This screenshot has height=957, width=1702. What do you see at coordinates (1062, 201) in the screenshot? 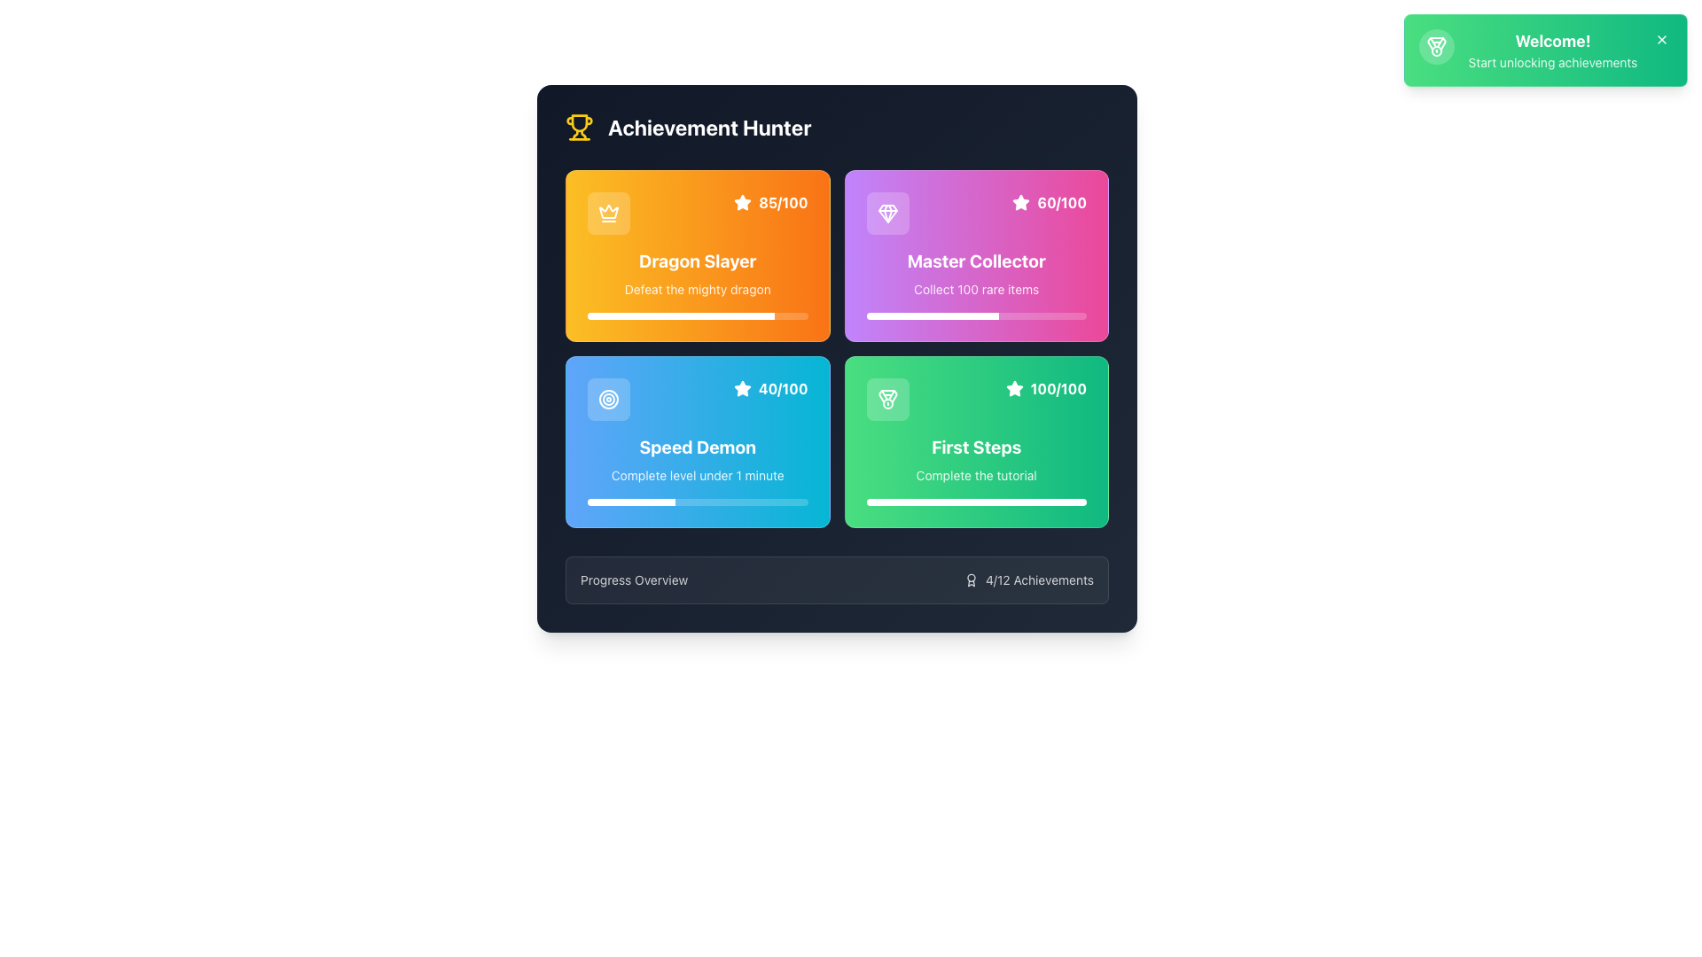
I see `the text label displaying '60/100' in bold white font on a pink background, located adjacent to a white star icon in the 'Master Collector' achievement card` at bounding box center [1062, 201].